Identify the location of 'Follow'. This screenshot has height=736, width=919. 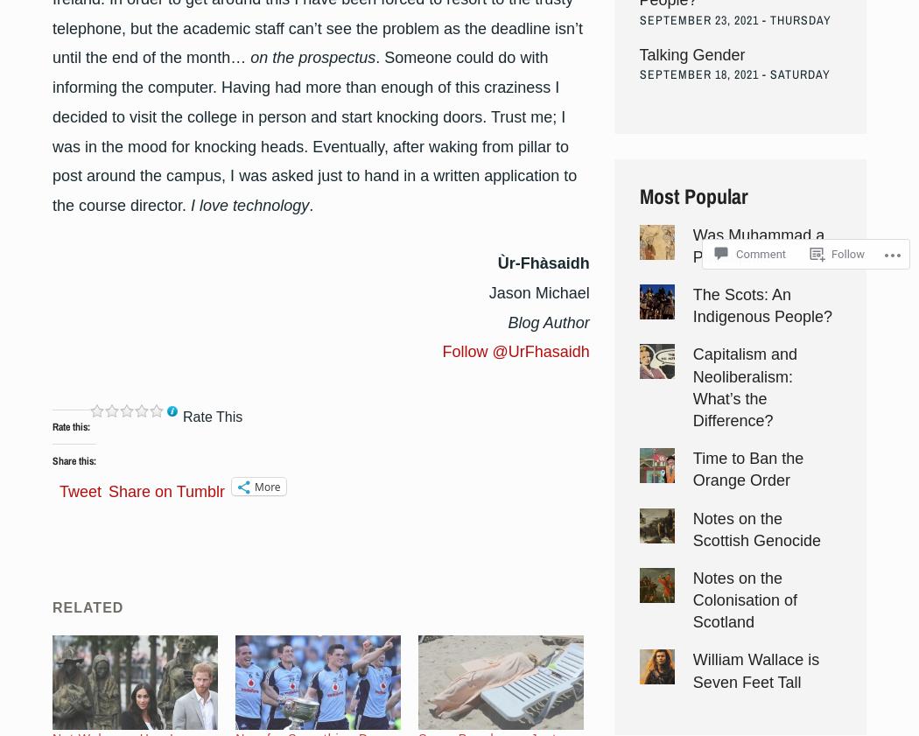
(831, 253).